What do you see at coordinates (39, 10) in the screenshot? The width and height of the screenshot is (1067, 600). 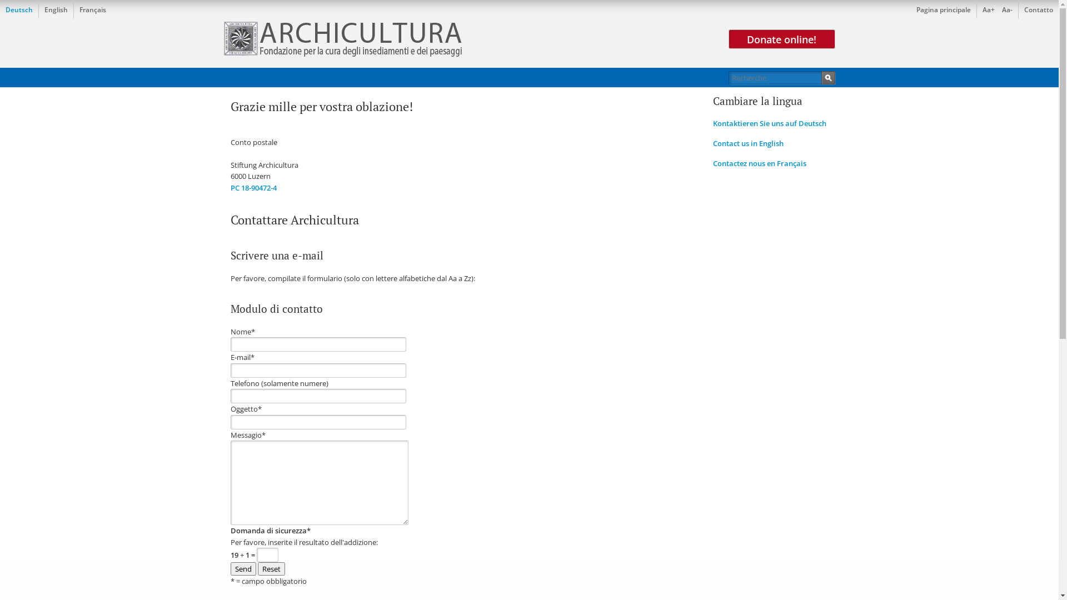 I see `'English'` at bounding box center [39, 10].